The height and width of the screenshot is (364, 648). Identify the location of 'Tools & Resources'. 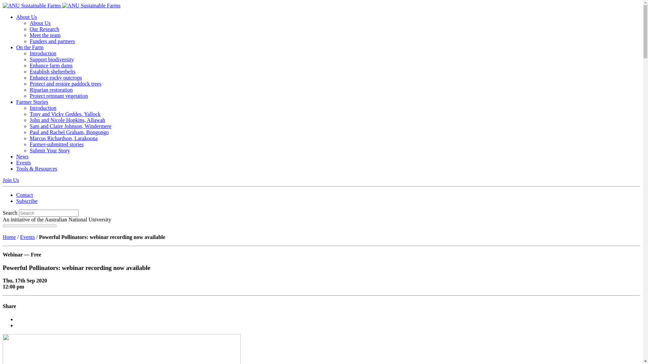
(36, 168).